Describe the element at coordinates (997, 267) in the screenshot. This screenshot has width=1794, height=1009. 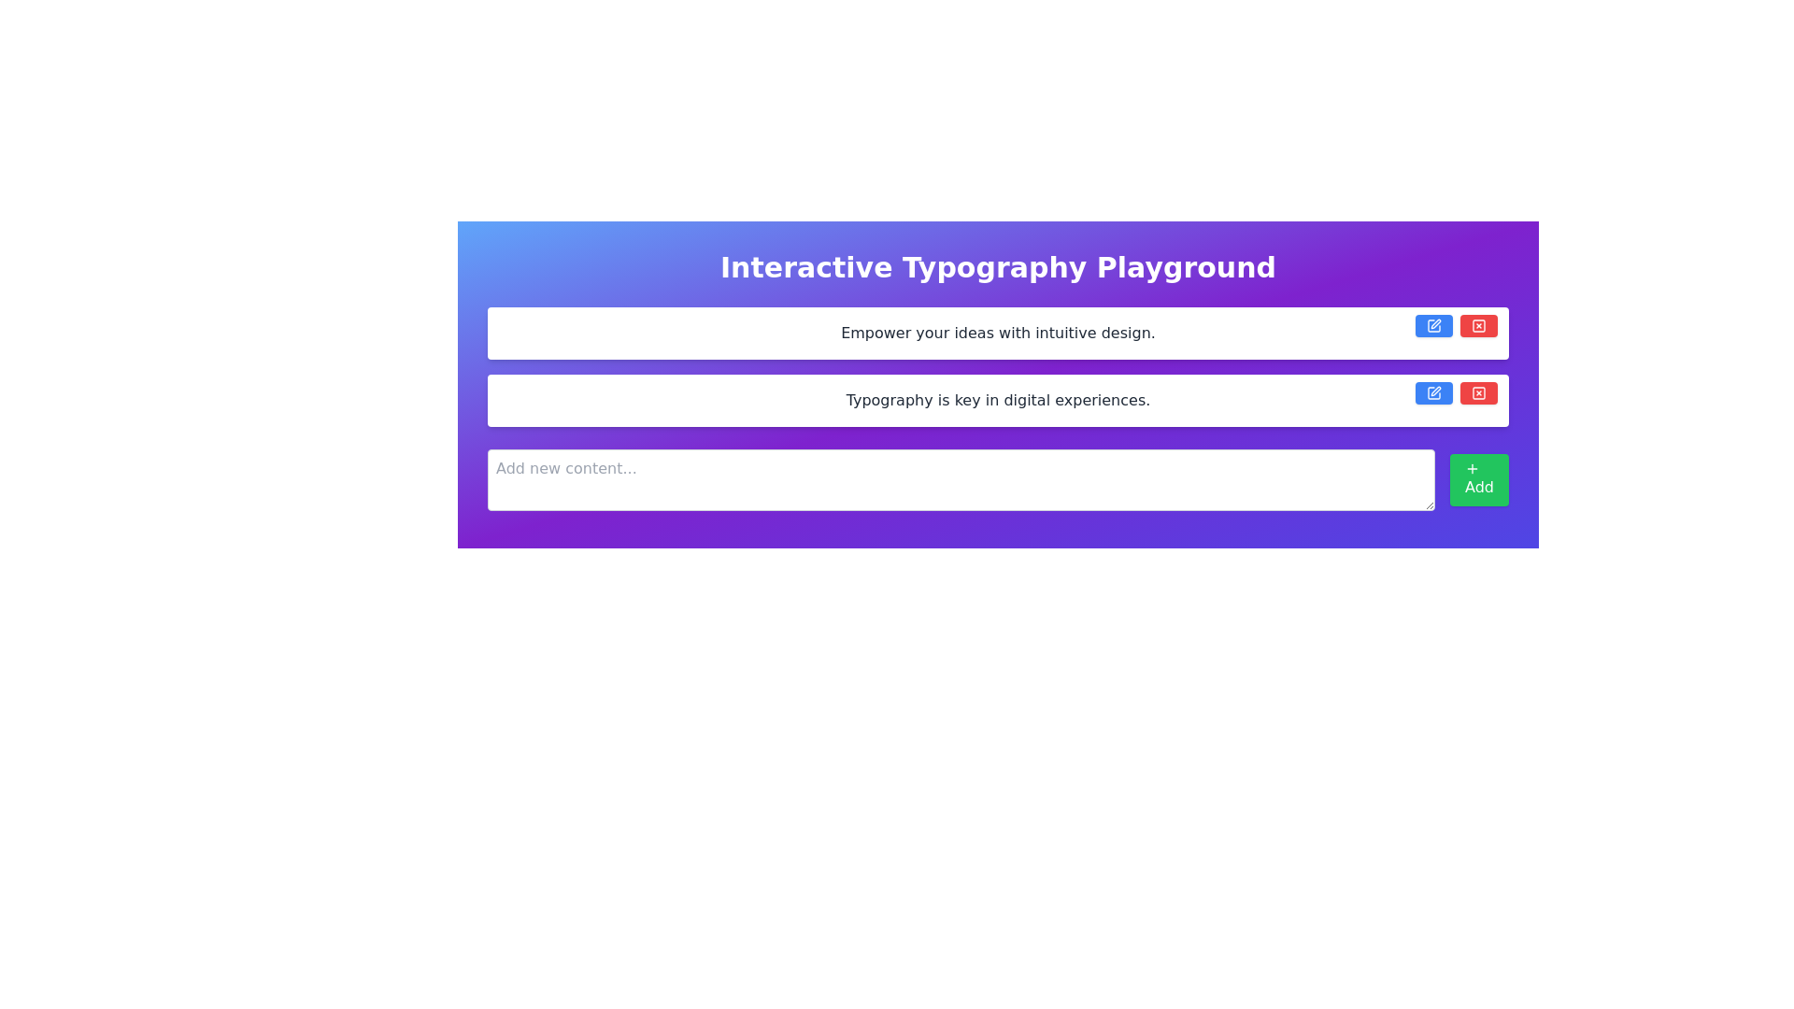
I see `the large heading displaying 'Interactive Typography Playground', which is centrally aligned and styled with bold typography on a colorful gradient background` at that location.